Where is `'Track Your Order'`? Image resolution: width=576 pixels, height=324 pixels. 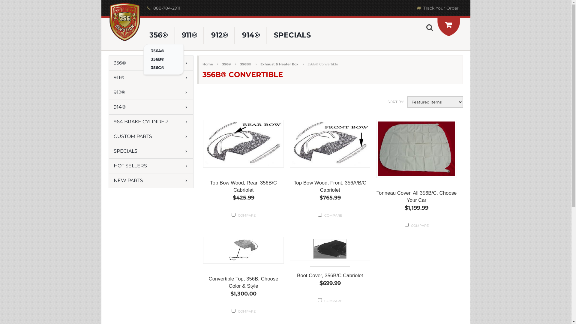 'Track Your Order' is located at coordinates (436, 8).